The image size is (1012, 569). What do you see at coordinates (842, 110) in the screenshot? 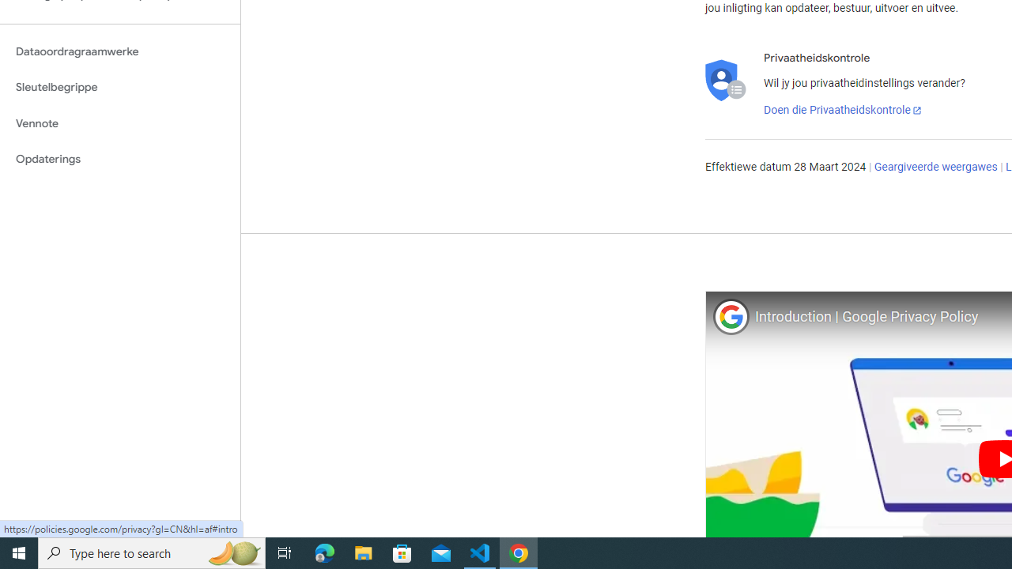
I see `'Doen die Privaatheidskontrole'` at bounding box center [842, 110].